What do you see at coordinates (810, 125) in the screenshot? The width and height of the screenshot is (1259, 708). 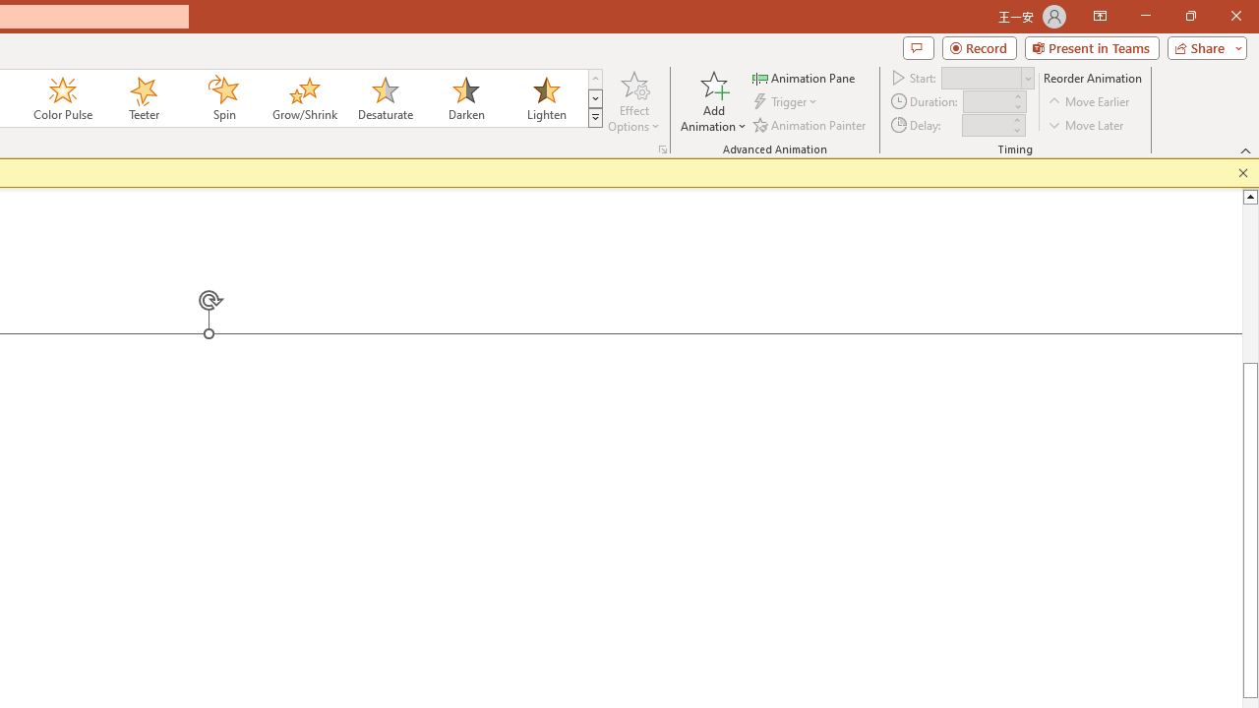 I see `'Animation Painter'` at bounding box center [810, 125].